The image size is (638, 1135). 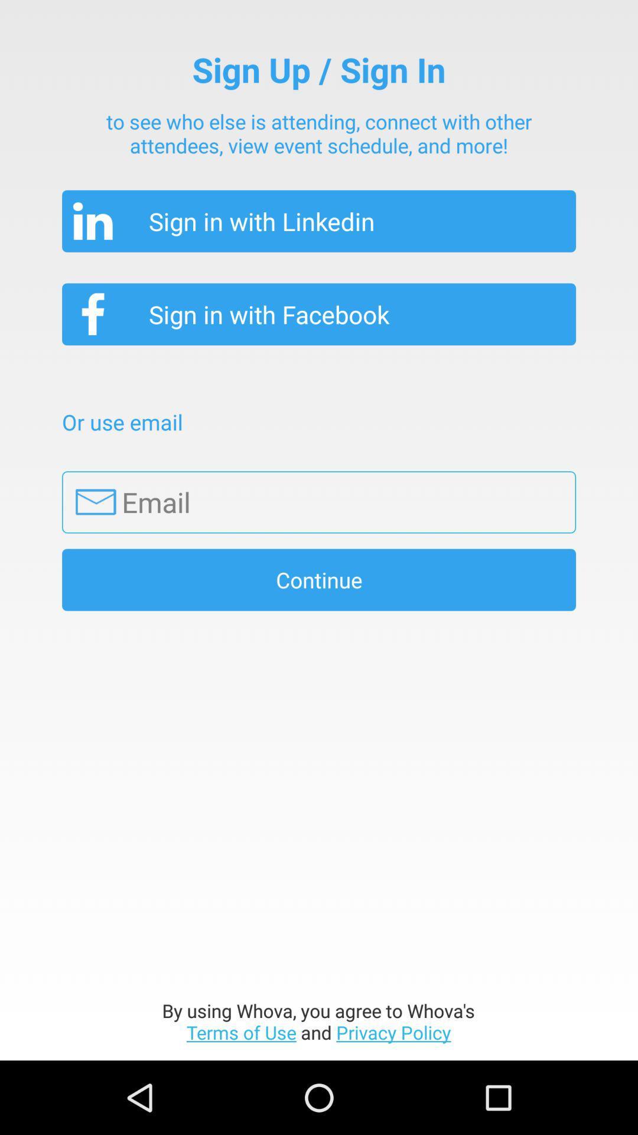 What do you see at coordinates (319, 579) in the screenshot?
I see `the continue icon` at bounding box center [319, 579].